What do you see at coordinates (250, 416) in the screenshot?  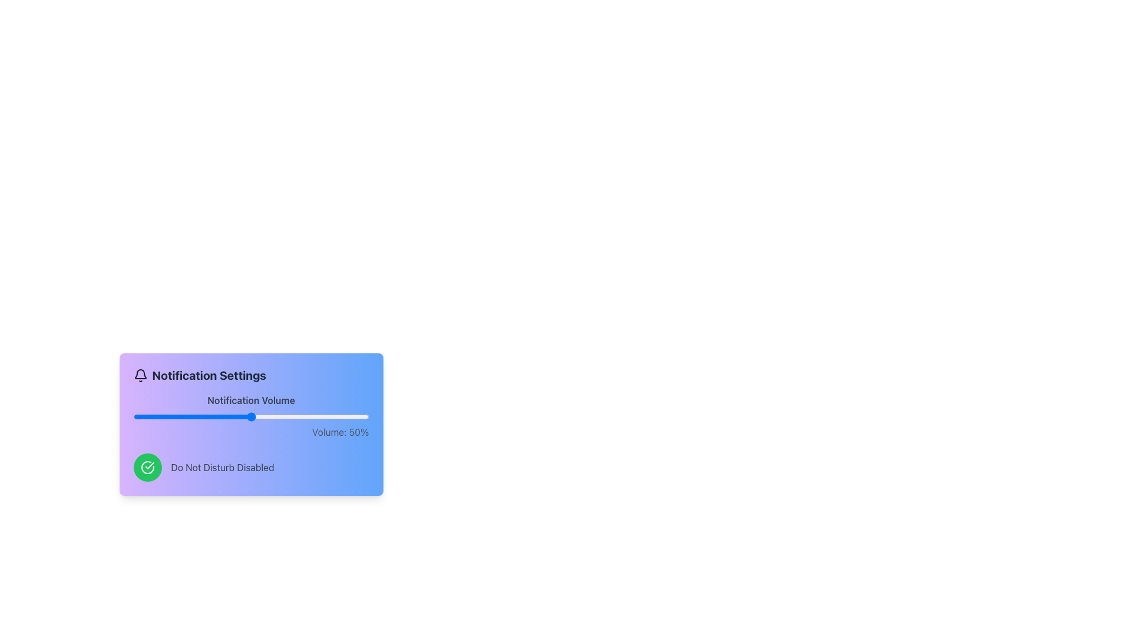 I see `the thumb of the horizontal slider control for additional interaction feedback, which is visually styled with a thin rectangular track and a distinct circular thumb indicating a value of 50%` at bounding box center [250, 416].